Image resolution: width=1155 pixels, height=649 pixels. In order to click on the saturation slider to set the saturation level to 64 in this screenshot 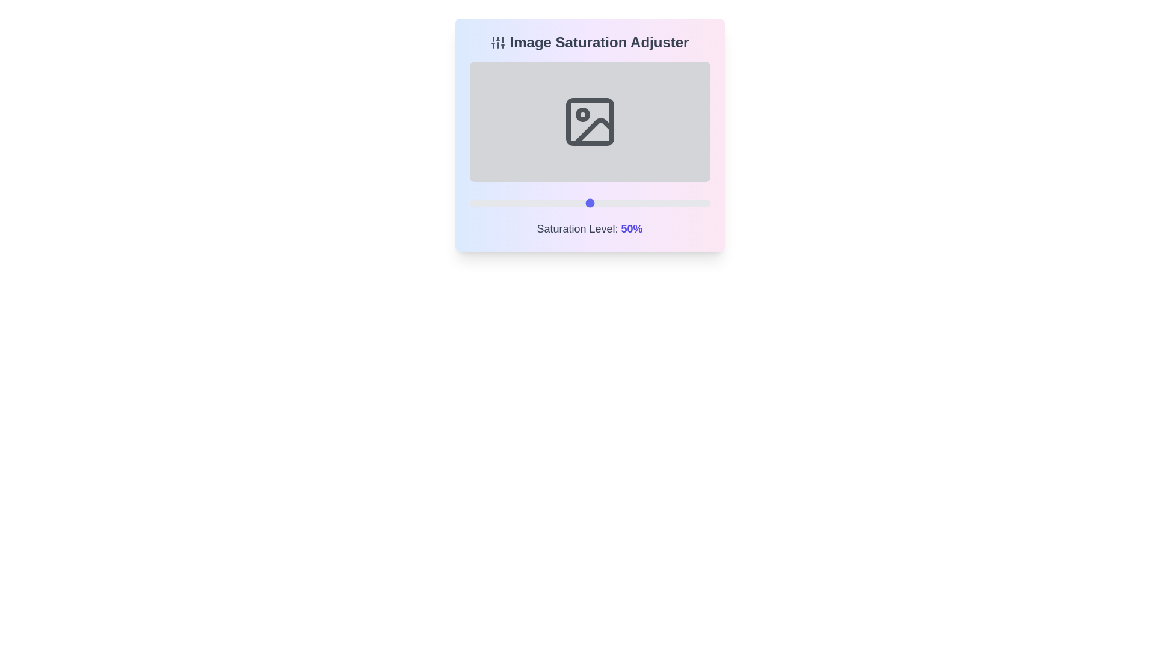, I will do `click(623, 203)`.